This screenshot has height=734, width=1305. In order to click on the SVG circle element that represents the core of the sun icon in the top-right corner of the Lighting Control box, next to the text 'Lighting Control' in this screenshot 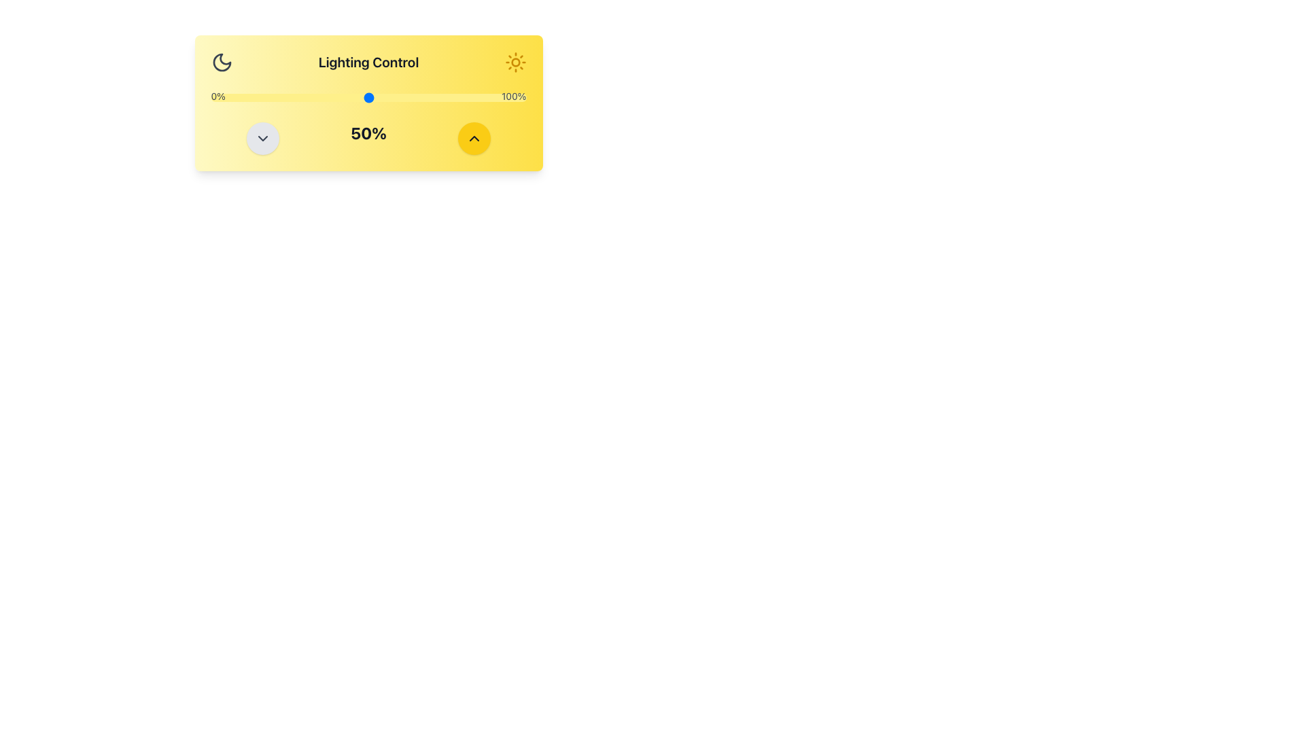, I will do `click(515, 63)`.